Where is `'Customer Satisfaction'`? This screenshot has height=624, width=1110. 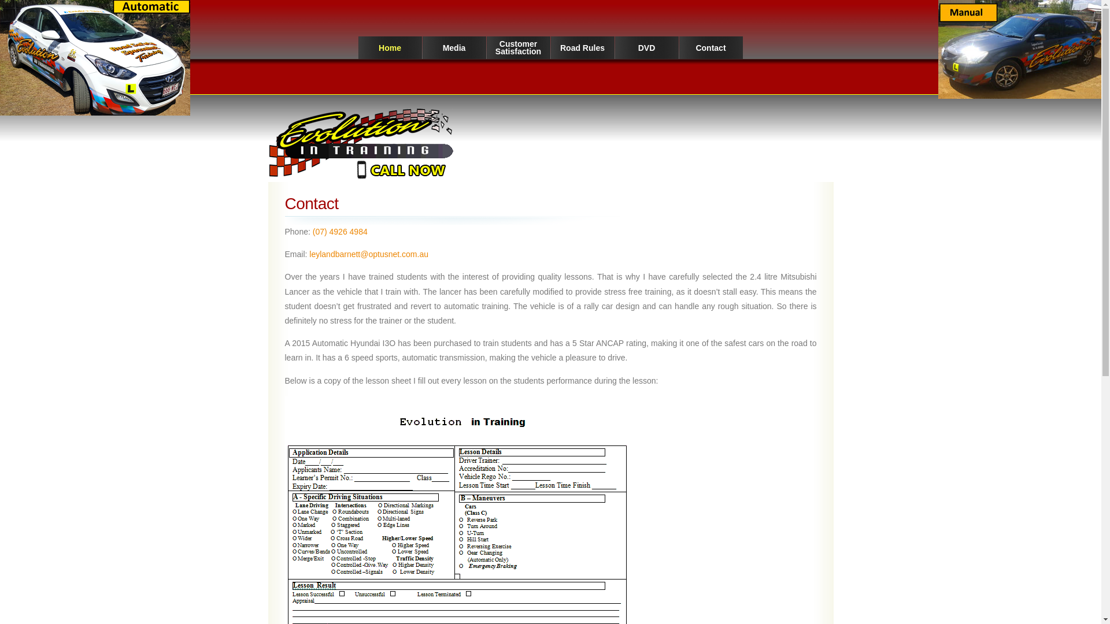
'Customer Satisfaction' is located at coordinates (518, 47).